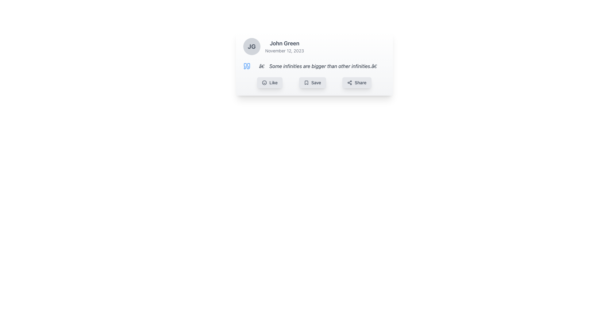 The image size is (589, 331). I want to click on the share icon located within the button labeled 'Share' at the far right of a row of buttons beneath a user post, so click(350, 83).